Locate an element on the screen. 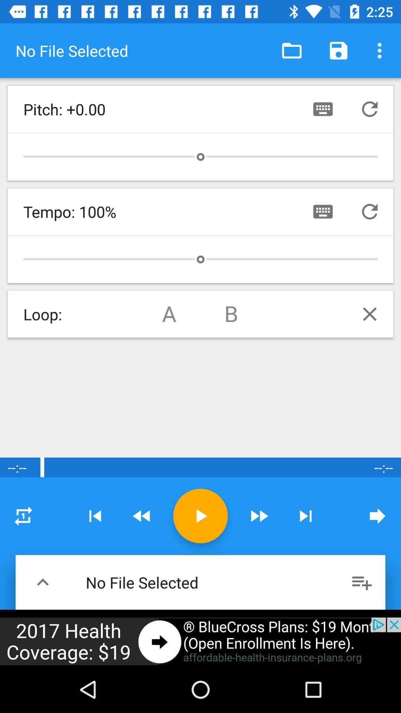 This screenshot has height=713, width=401. settings is located at coordinates (23, 515).